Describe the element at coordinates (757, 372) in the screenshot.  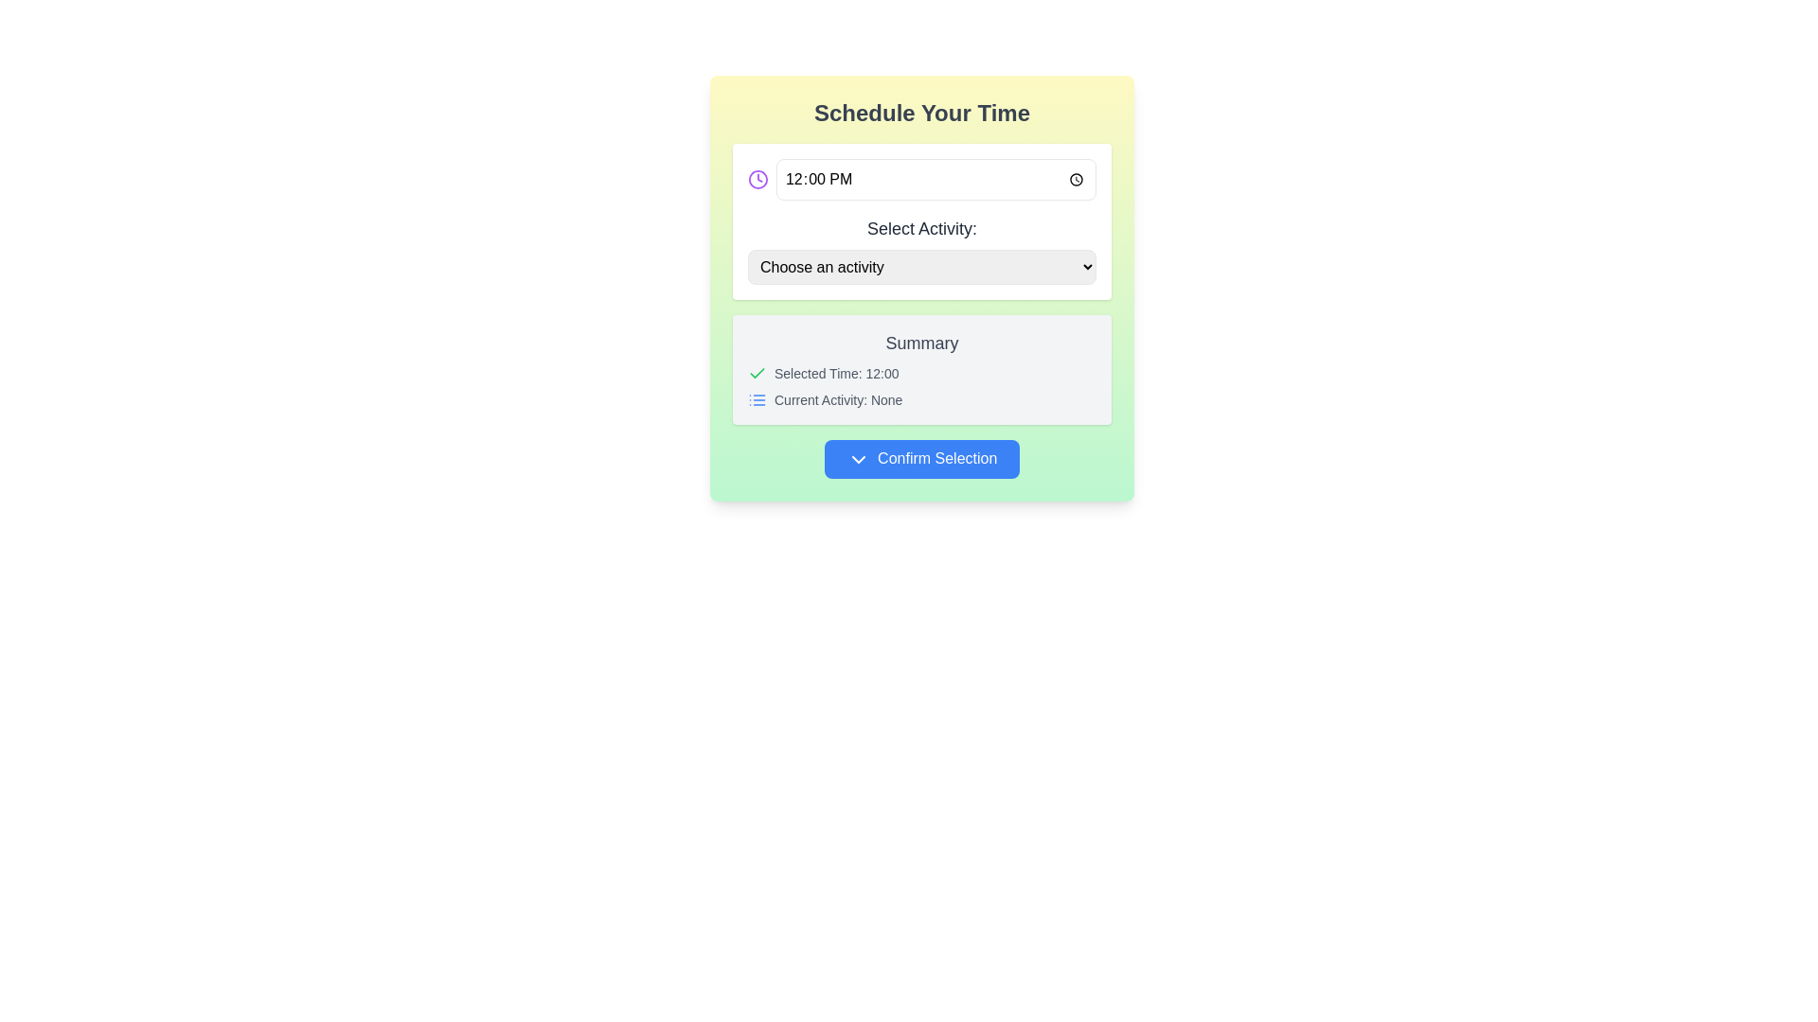
I see `the indication of the green checkmark icon representing a completed action, located in the 'Summary' section adjacent to the selected time text` at that location.